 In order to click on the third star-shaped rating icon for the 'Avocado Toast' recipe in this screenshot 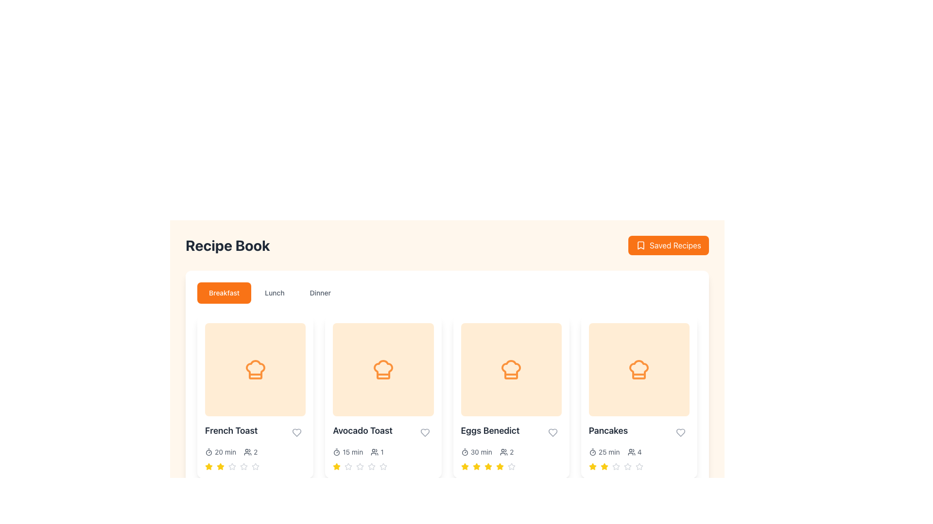, I will do `click(360, 466)`.